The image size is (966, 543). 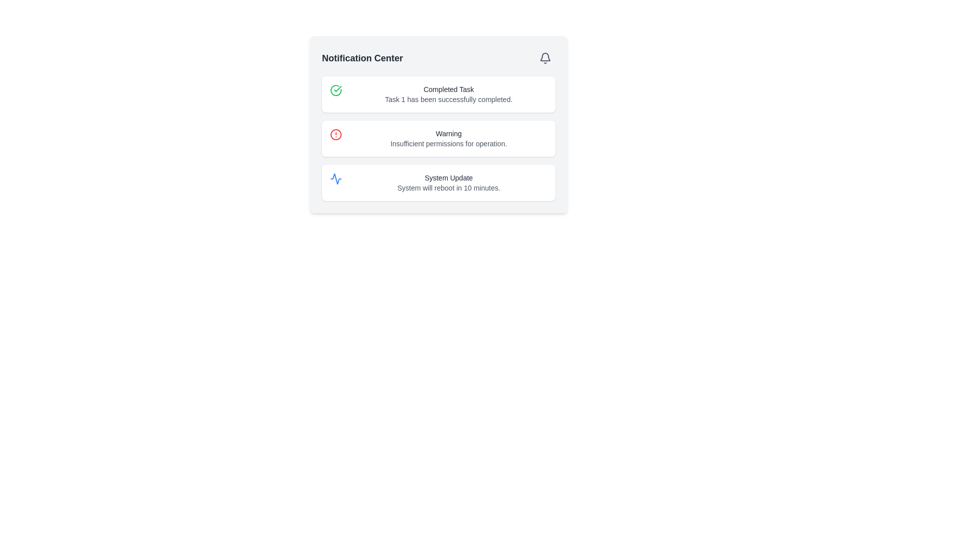 What do you see at coordinates (448, 95) in the screenshot?
I see `the notification message indicating the completion of 'Task 1', located to the right of the green circular checkmark icon in the upper section of the notification card` at bounding box center [448, 95].